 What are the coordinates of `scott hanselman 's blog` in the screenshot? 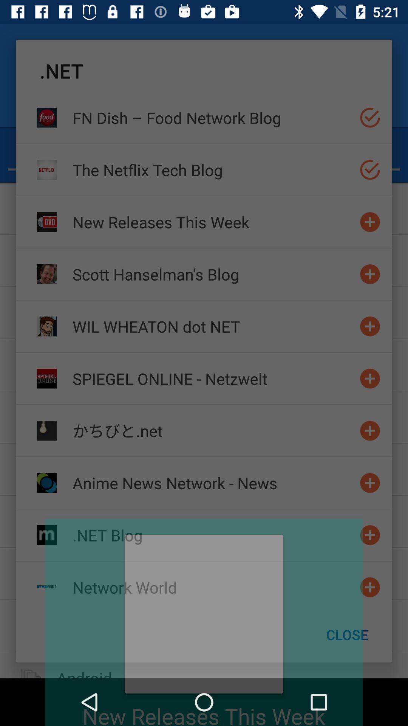 It's located at (369, 274).